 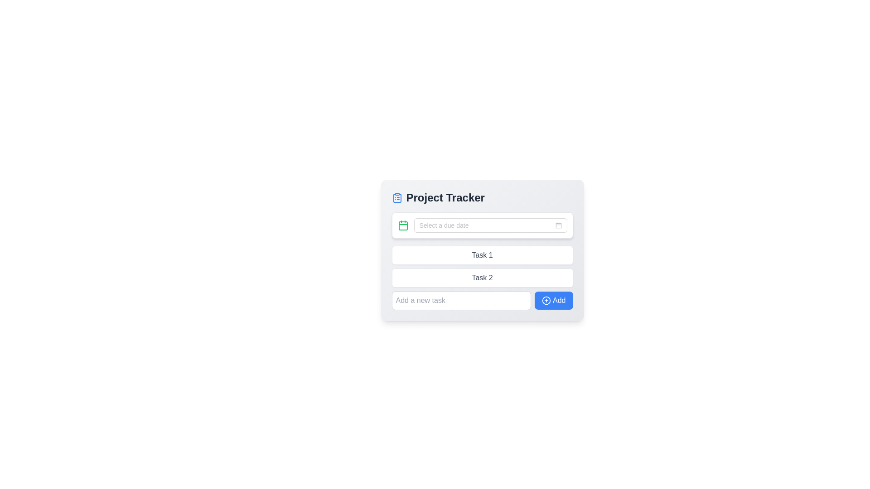 I want to click on the 'Task 2' label, which is a rectangular box with a white background and gray border, to mark it as completed, so click(x=482, y=277).